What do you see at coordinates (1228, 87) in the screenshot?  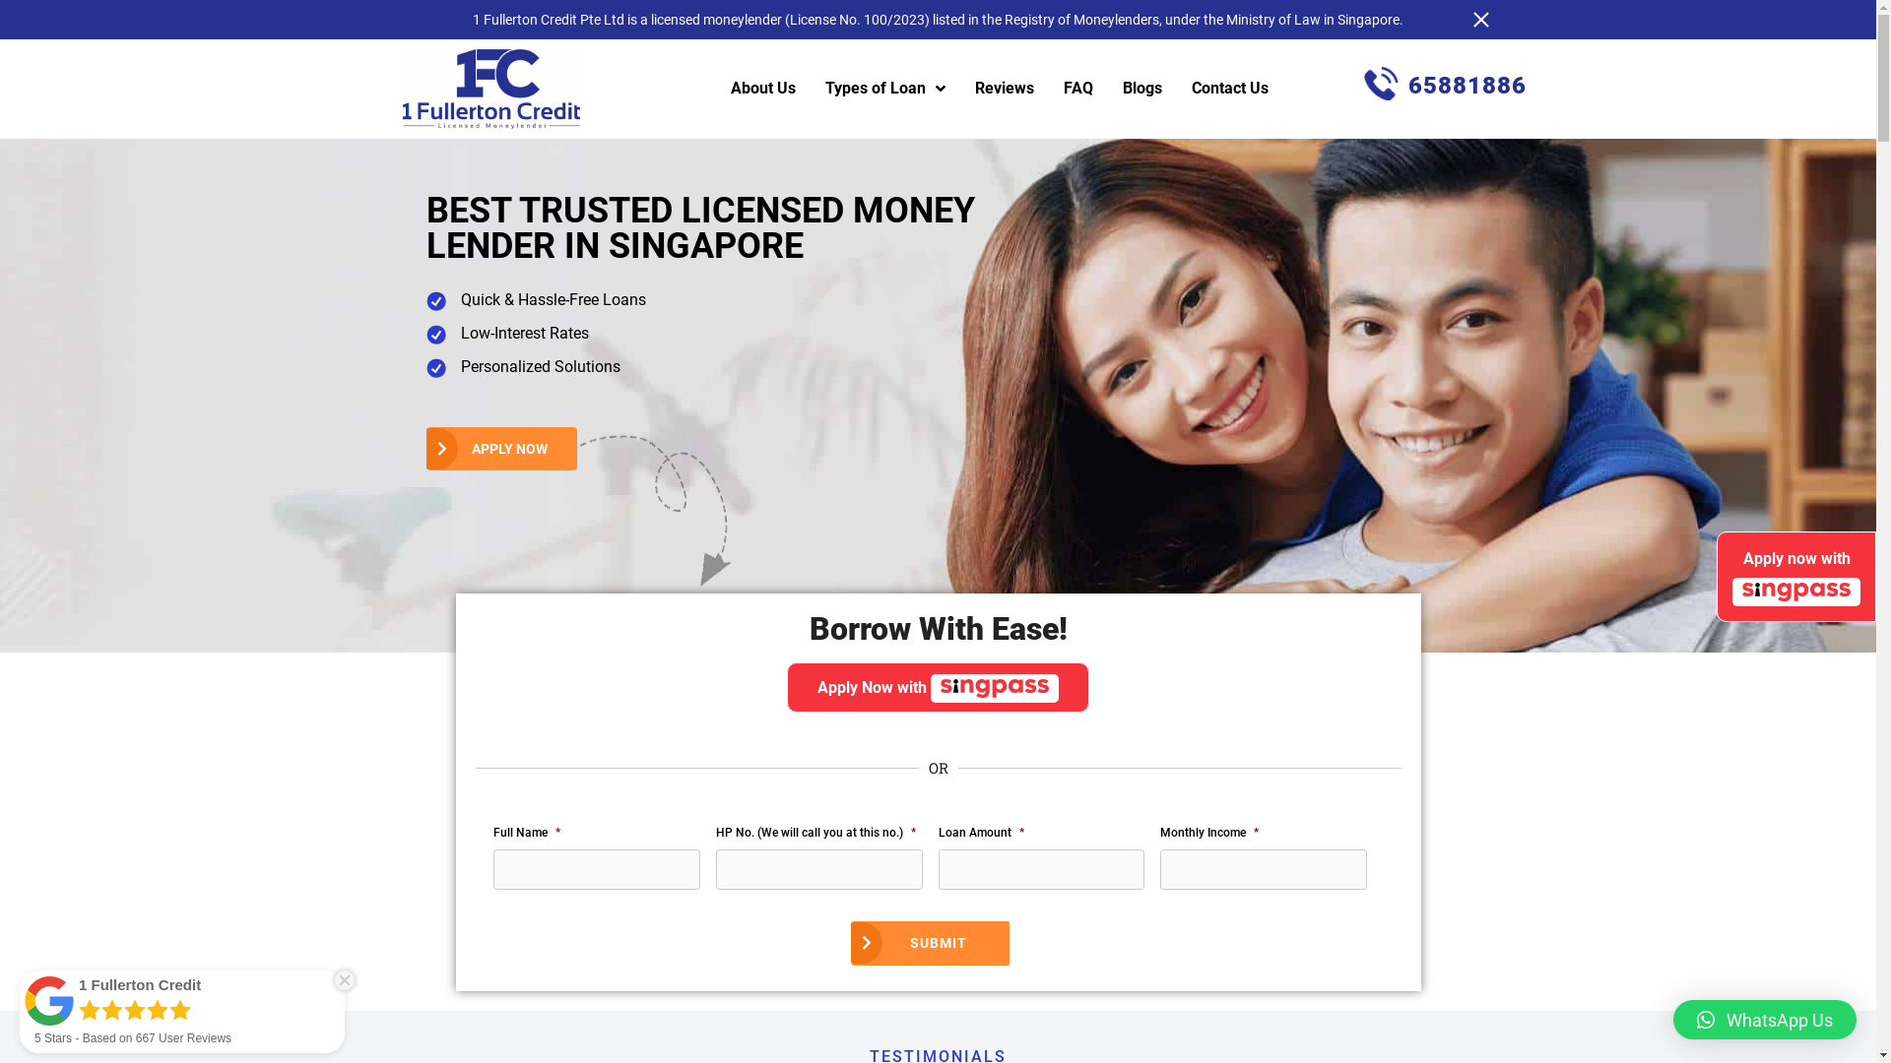 I see `'Contact Us'` at bounding box center [1228, 87].